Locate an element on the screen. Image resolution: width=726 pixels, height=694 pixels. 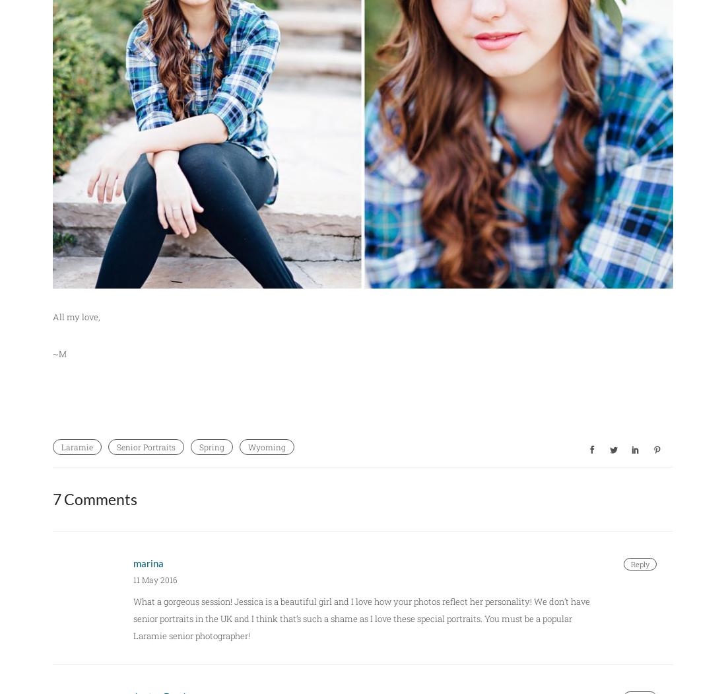
'~M' is located at coordinates (59, 353).